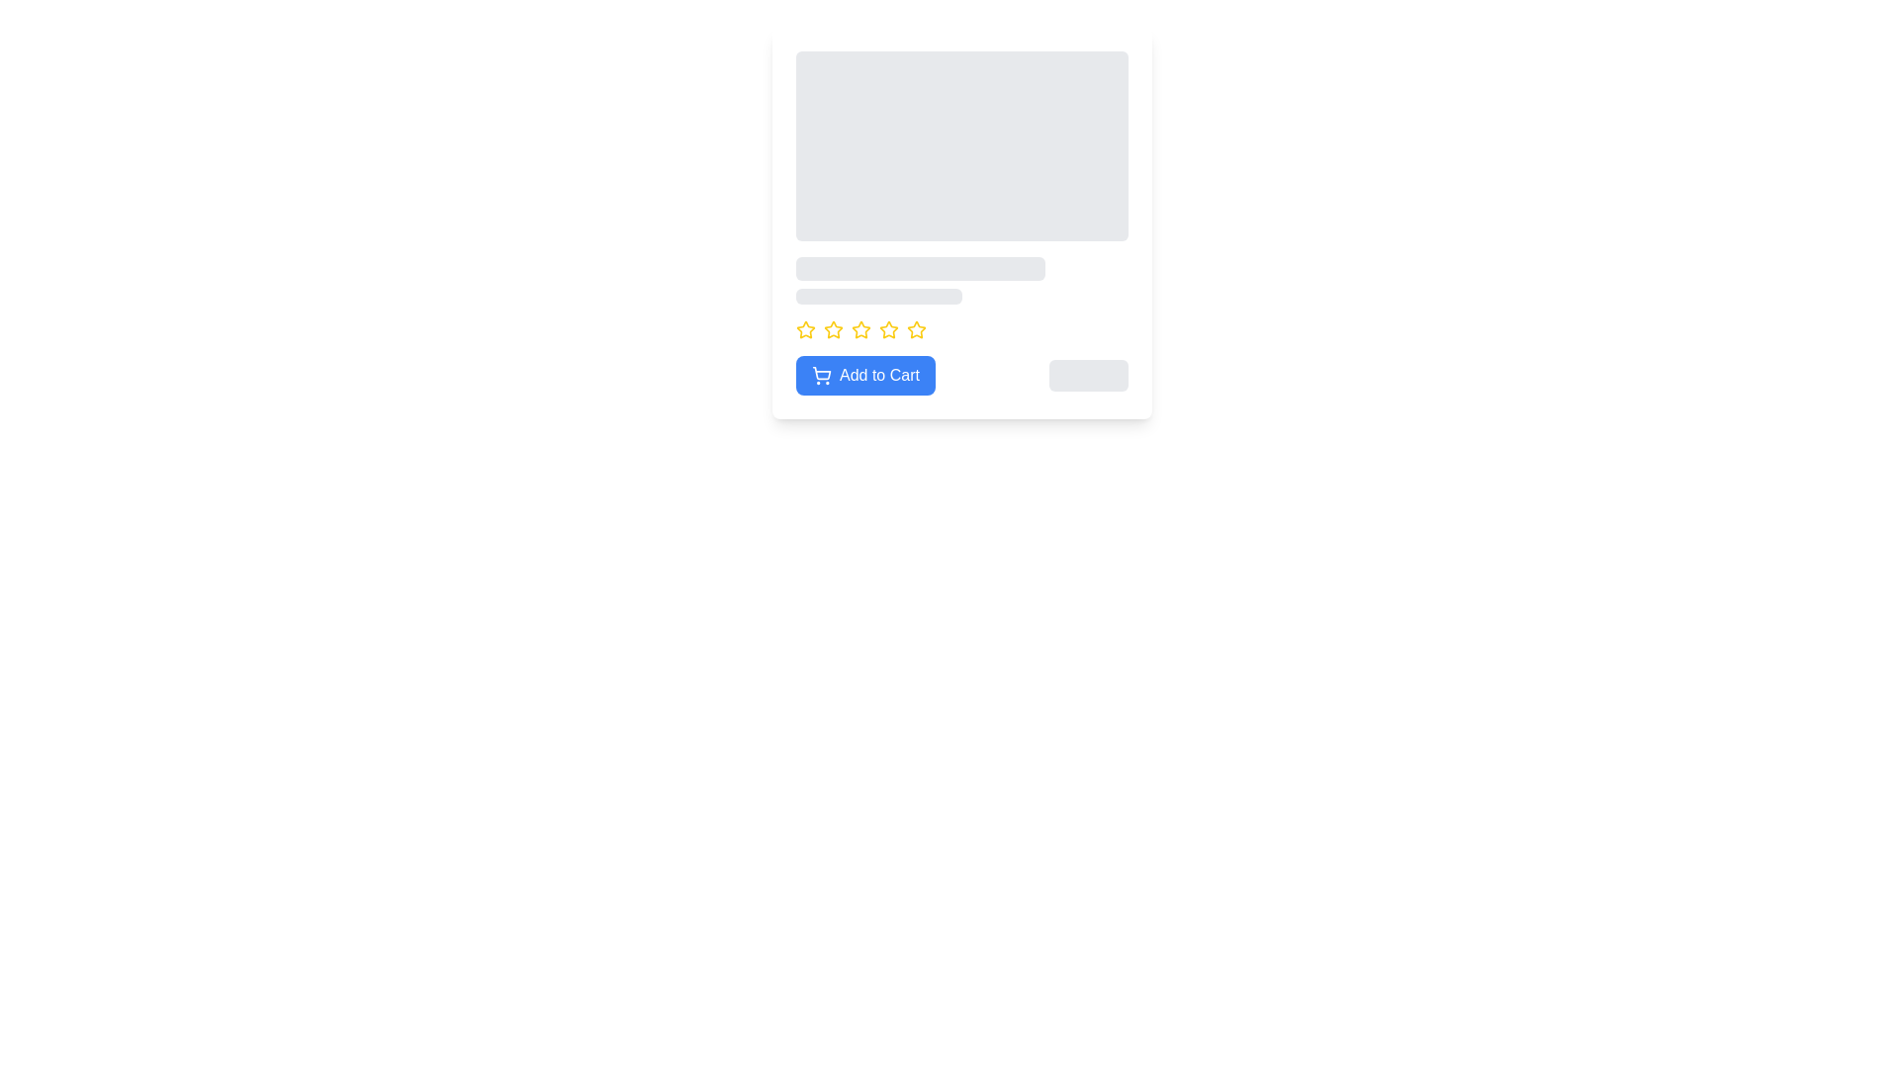  Describe the element at coordinates (865, 376) in the screenshot. I see `the 'Add to Cart' button located at the bottom-left of the card layout` at that location.